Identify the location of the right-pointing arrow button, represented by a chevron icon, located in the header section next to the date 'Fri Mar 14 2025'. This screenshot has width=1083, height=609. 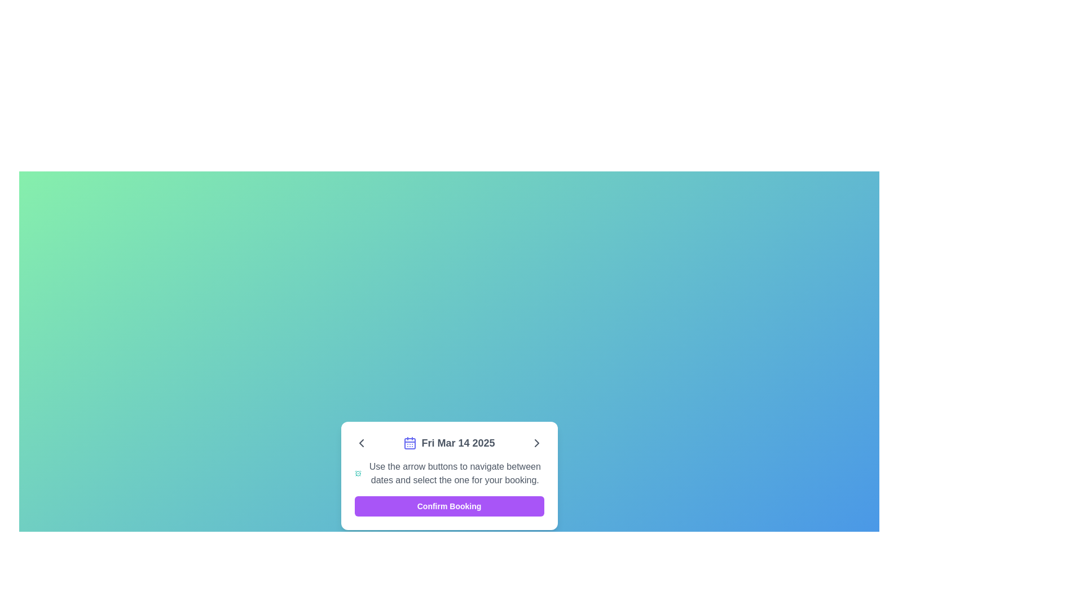
(536, 443).